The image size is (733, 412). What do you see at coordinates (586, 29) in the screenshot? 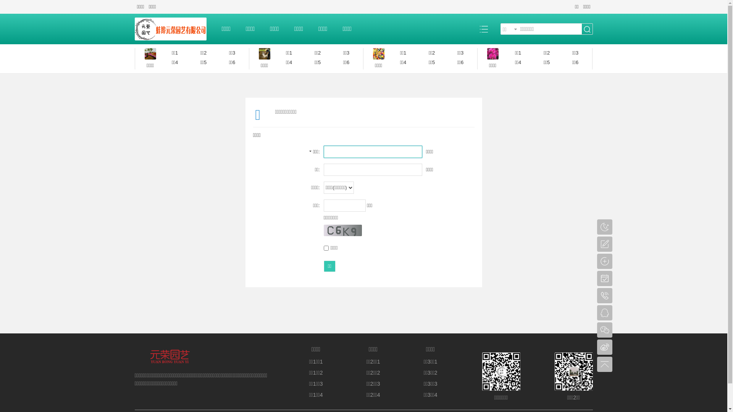
I see `'true'` at bounding box center [586, 29].